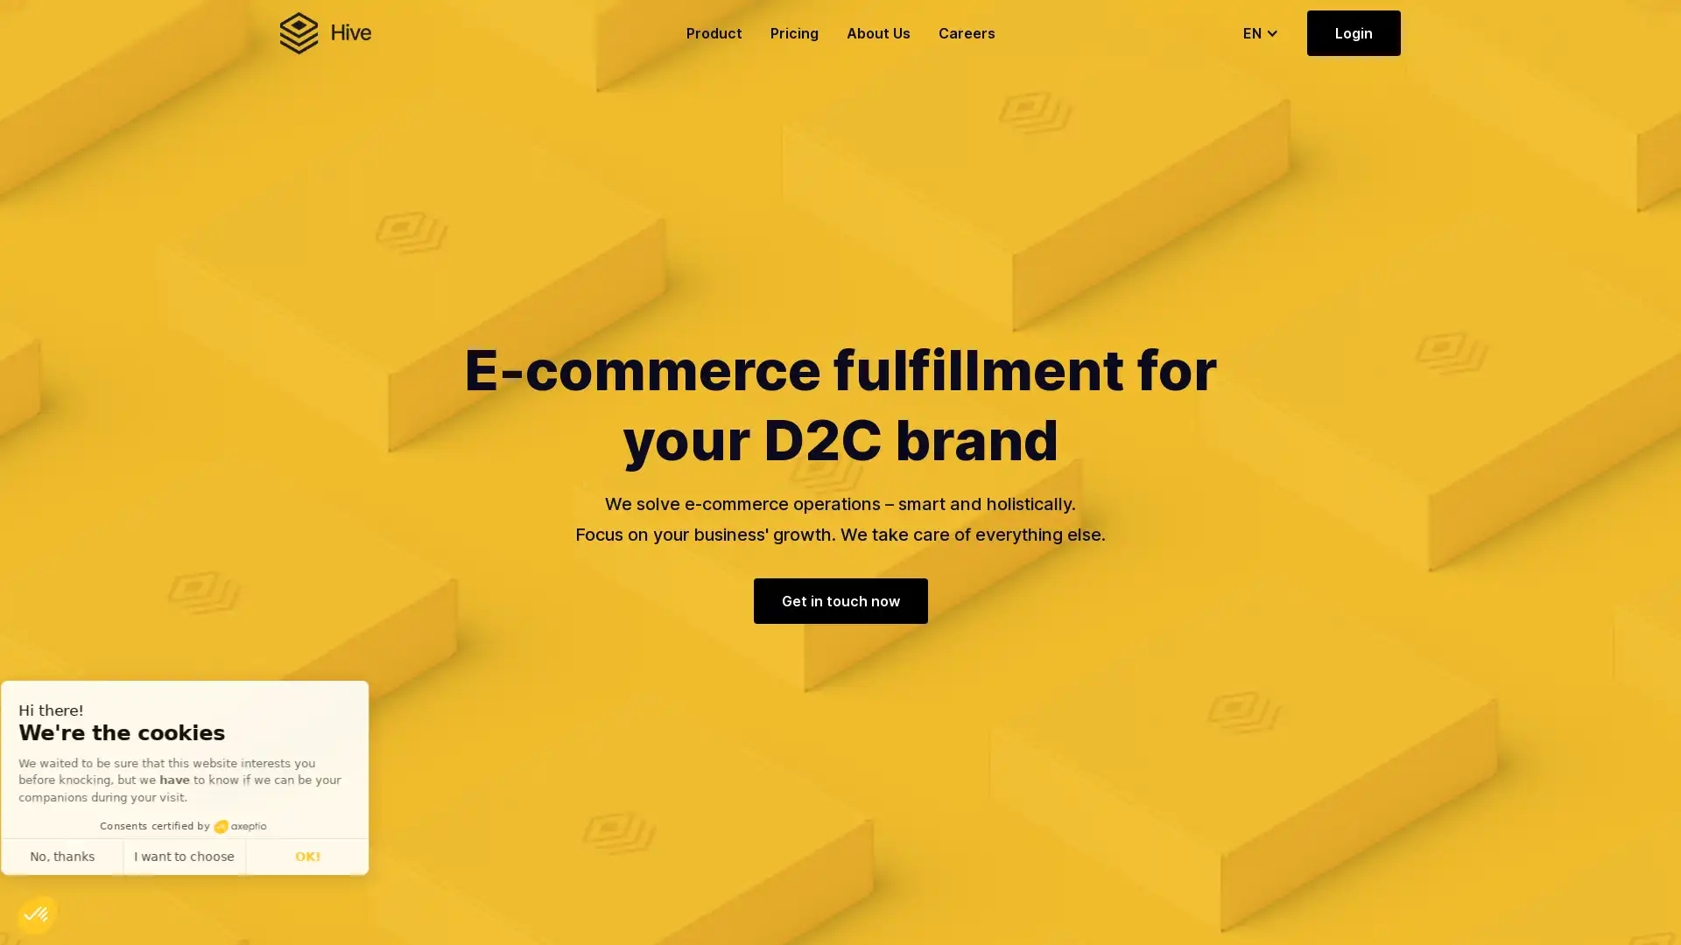 This screenshot has height=945, width=1681. I want to click on I want to choose, so click(201, 856).